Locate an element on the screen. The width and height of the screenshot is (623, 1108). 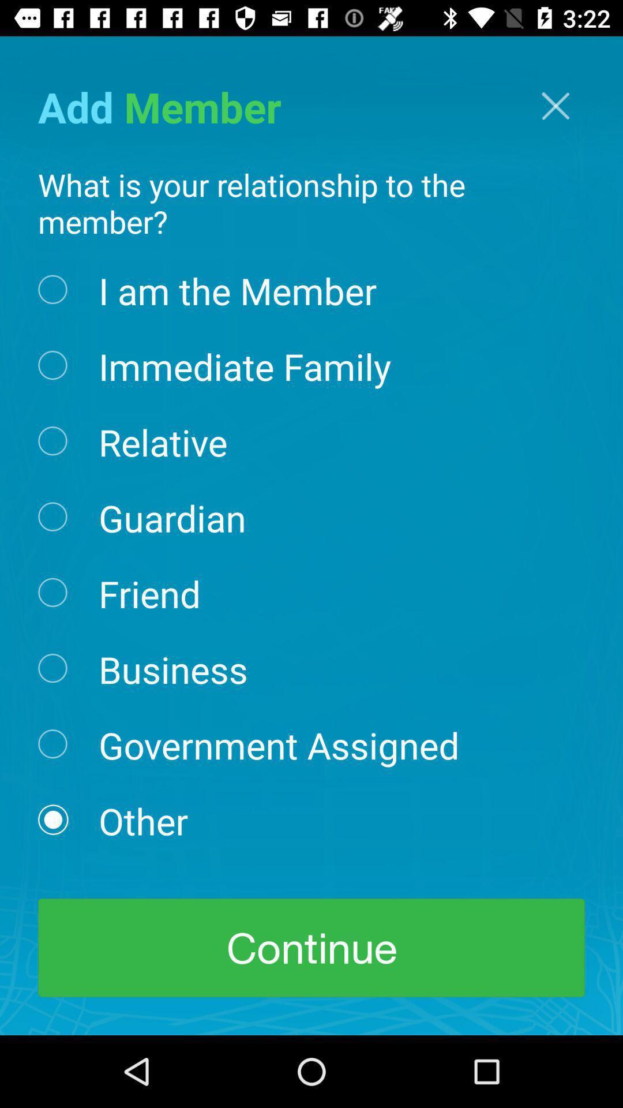
the item below i am the is located at coordinates (244, 365).